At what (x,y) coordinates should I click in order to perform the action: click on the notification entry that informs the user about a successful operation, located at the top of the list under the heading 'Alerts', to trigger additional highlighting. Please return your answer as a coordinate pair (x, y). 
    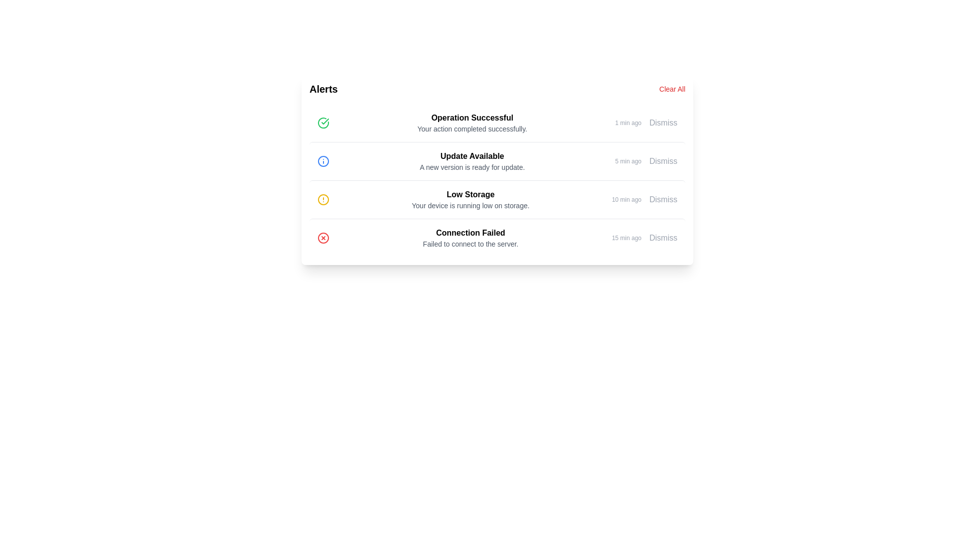
    Looking at the image, I should click on (497, 122).